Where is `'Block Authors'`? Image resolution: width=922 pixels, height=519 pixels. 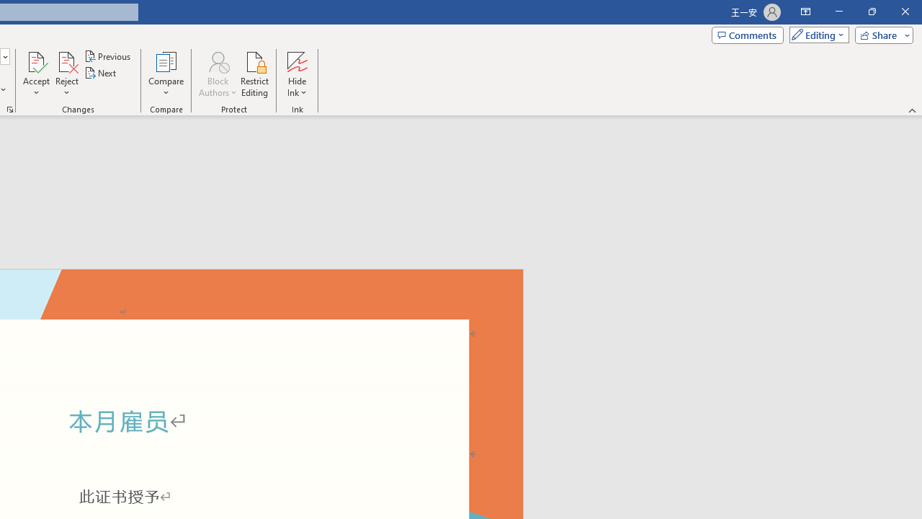 'Block Authors' is located at coordinates (217, 74).